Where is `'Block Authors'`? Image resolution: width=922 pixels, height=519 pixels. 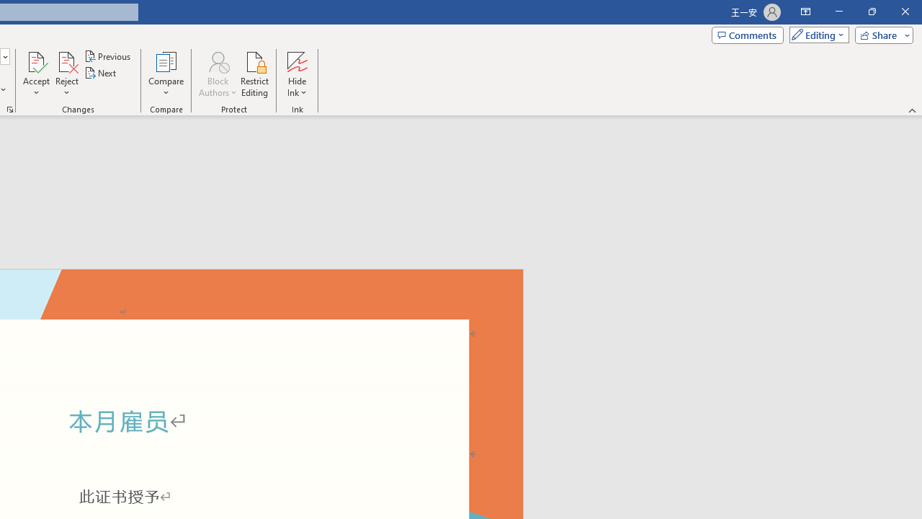 'Block Authors' is located at coordinates (217, 74).